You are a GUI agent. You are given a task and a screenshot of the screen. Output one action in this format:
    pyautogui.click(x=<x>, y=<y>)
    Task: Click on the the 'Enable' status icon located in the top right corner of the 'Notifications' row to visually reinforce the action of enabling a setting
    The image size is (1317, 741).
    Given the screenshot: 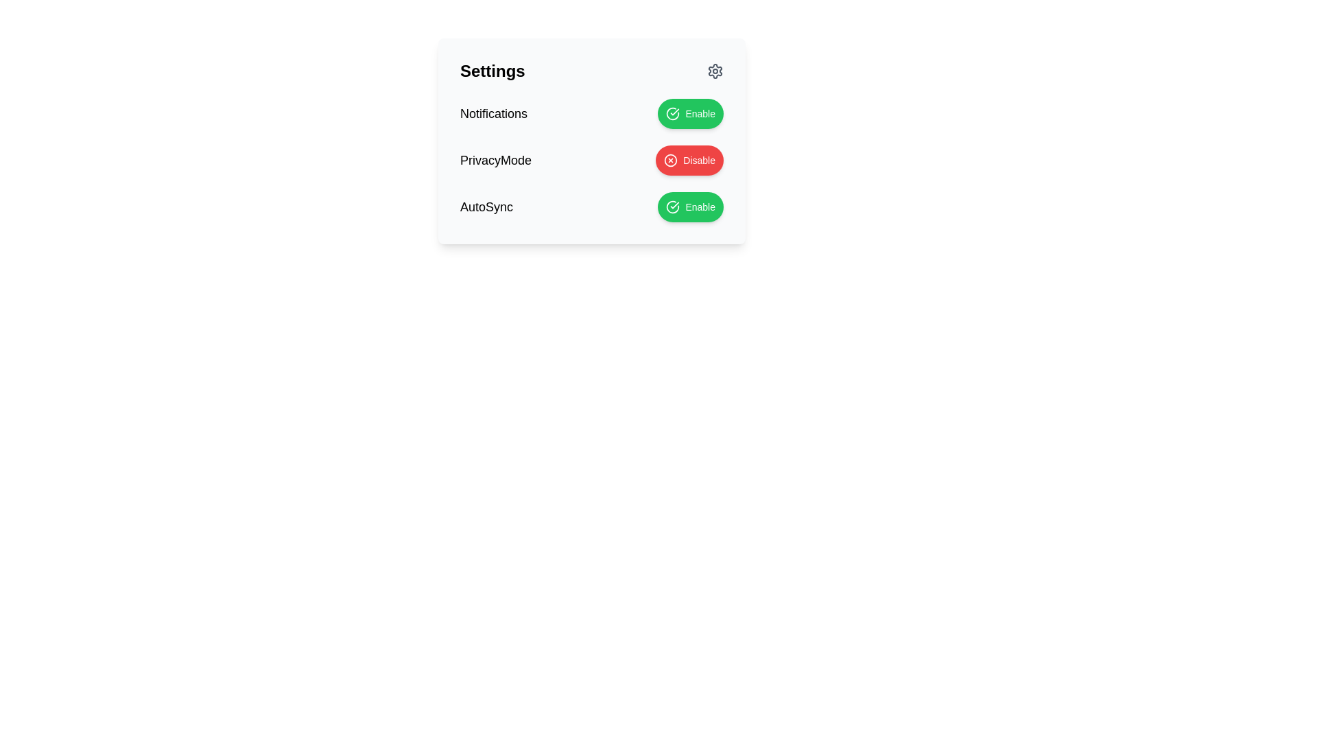 What is the action you would take?
    pyautogui.click(x=673, y=113)
    